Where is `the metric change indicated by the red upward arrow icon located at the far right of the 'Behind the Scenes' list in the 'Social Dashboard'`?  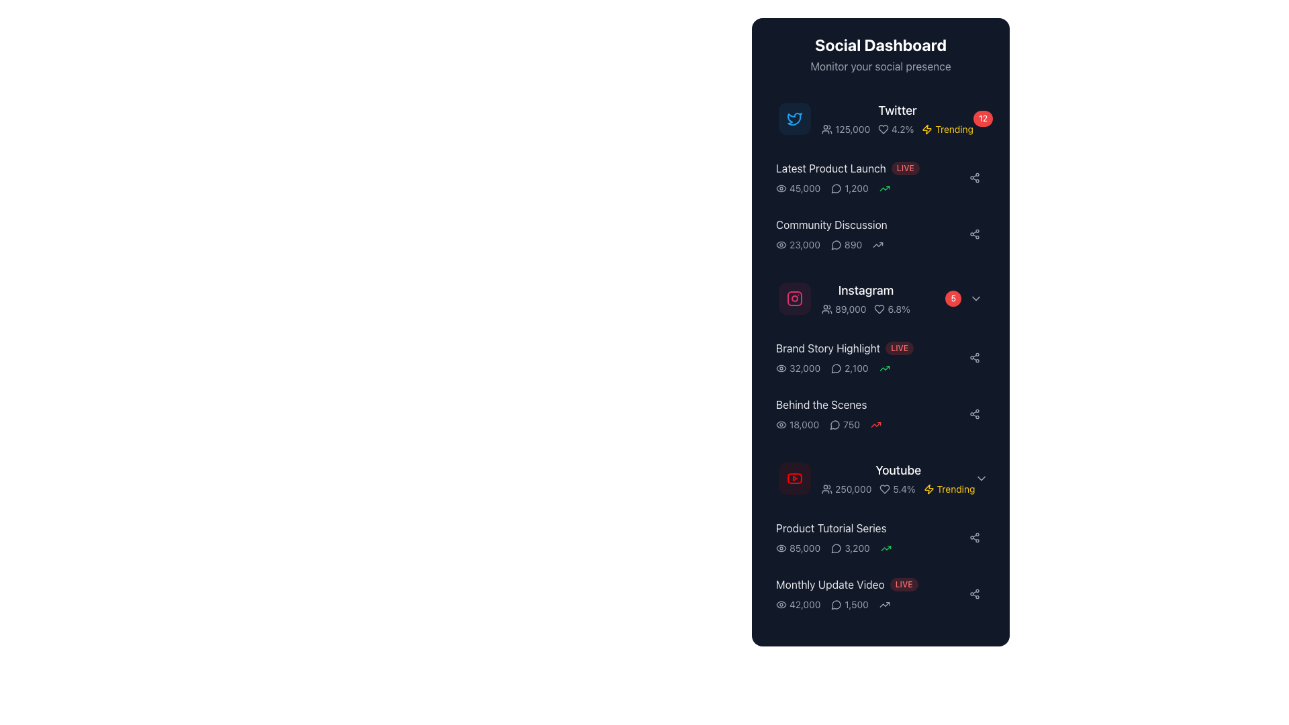 the metric change indicated by the red upward arrow icon located at the far right of the 'Behind the Scenes' list in the 'Social Dashboard' is located at coordinates (876, 424).